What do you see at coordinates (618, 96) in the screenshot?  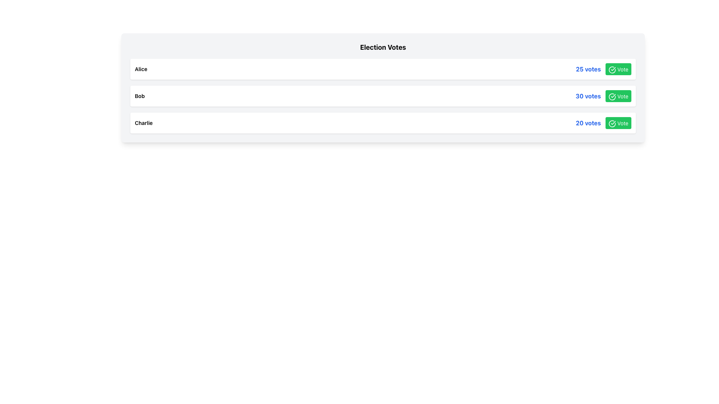 I see `the green 'Vote' button with white text and a checkmark icon to cast a vote` at bounding box center [618, 96].